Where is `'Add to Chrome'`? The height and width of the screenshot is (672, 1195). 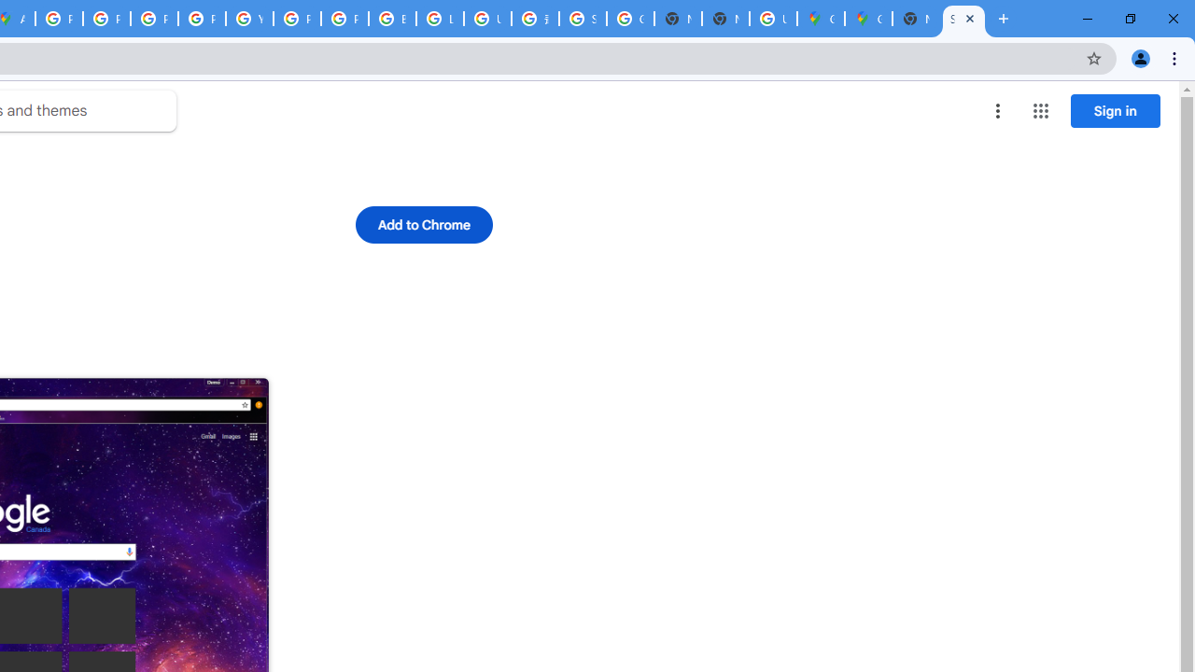 'Add to Chrome' is located at coordinates (422, 223).